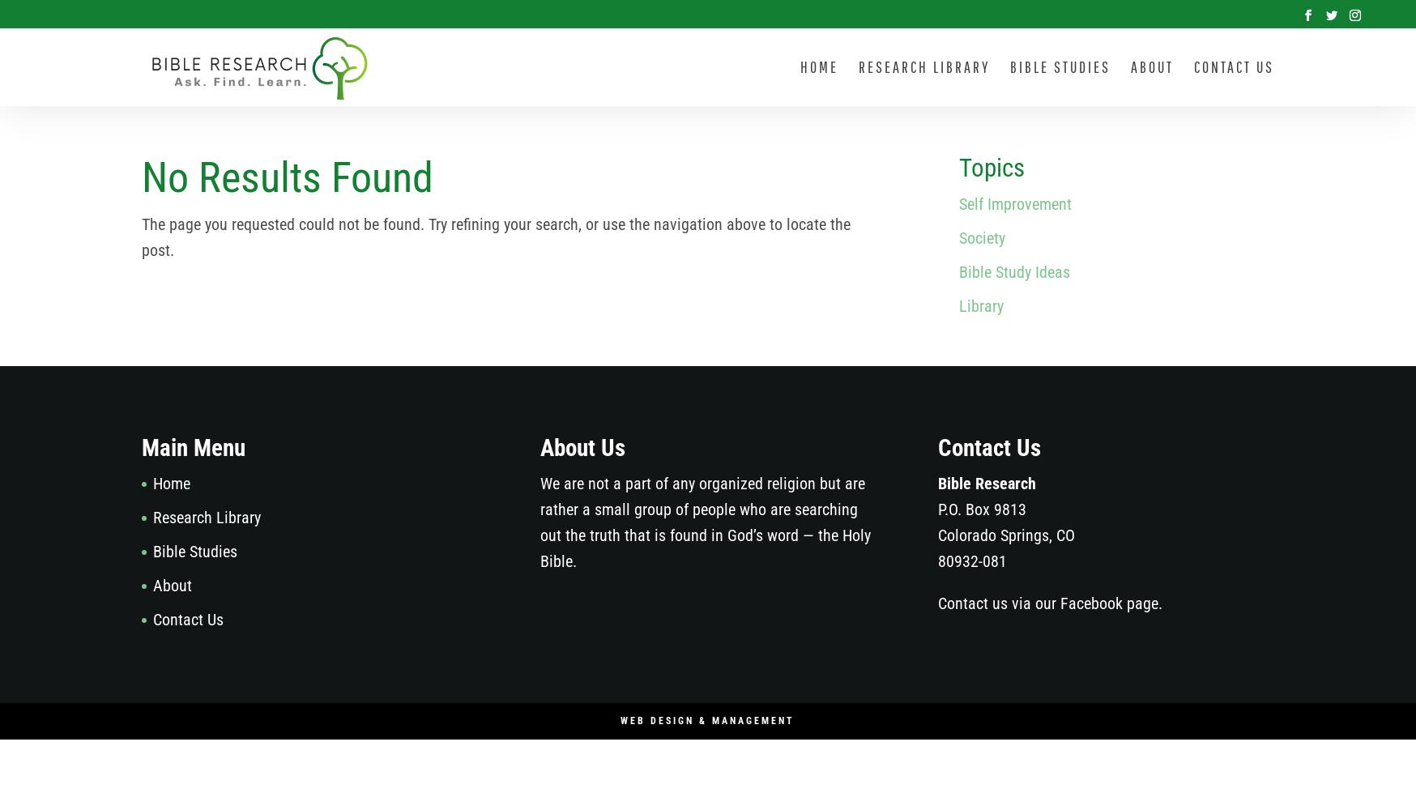  I want to click on '.', so click(1160, 602).